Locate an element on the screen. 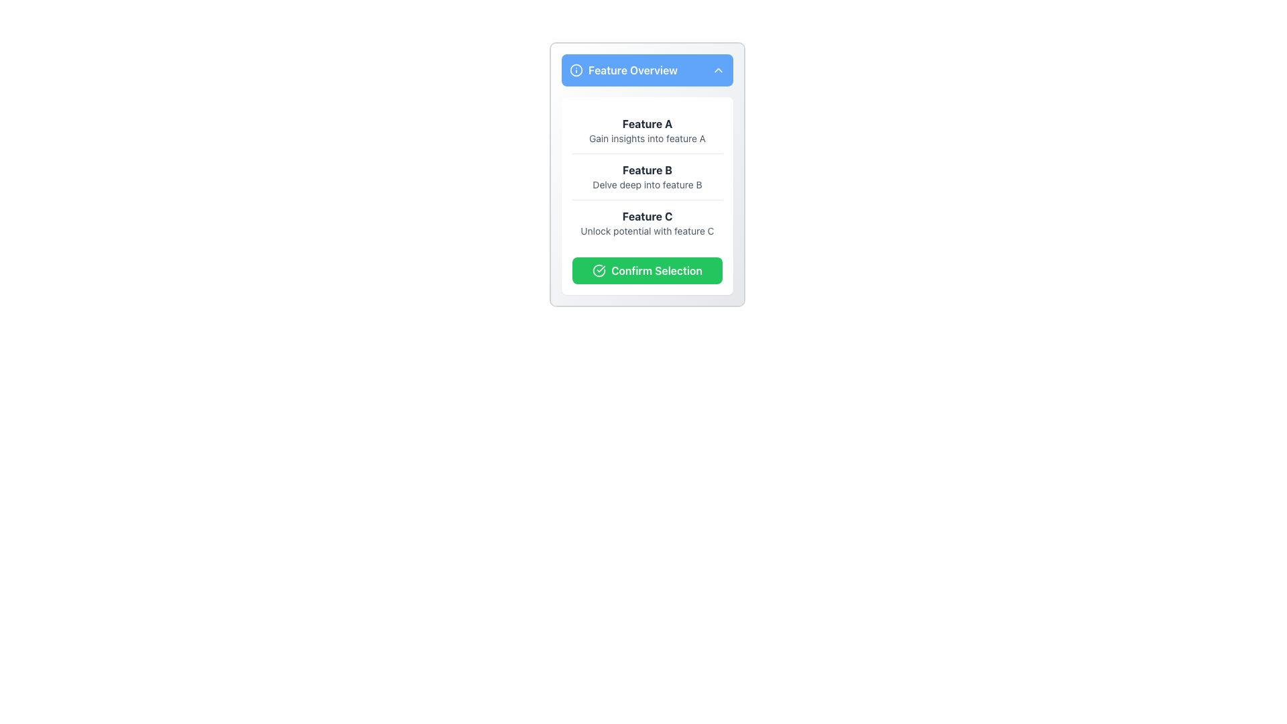 This screenshot has height=724, width=1287. the green 'Confirm Selection' button with a checkmark icon is located at coordinates (647, 270).